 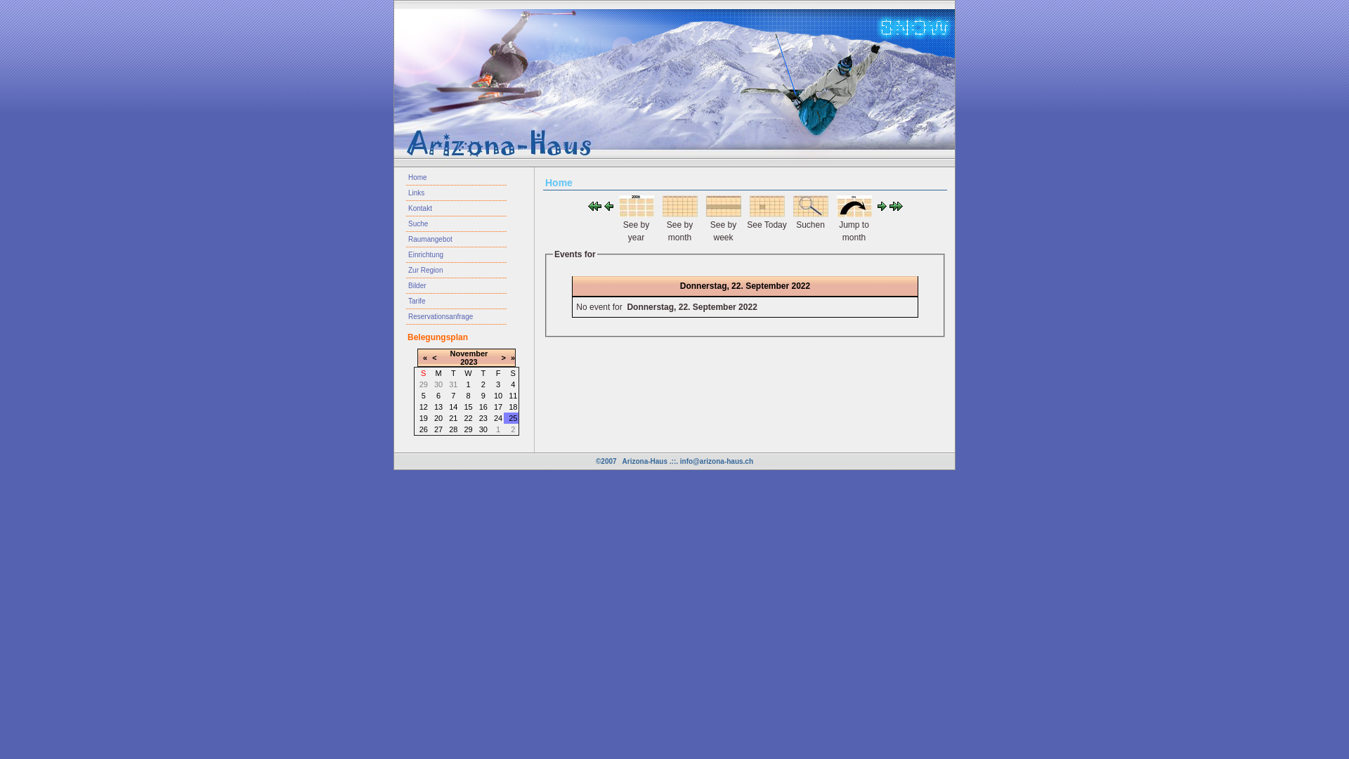 What do you see at coordinates (468, 417) in the screenshot?
I see `'22'` at bounding box center [468, 417].